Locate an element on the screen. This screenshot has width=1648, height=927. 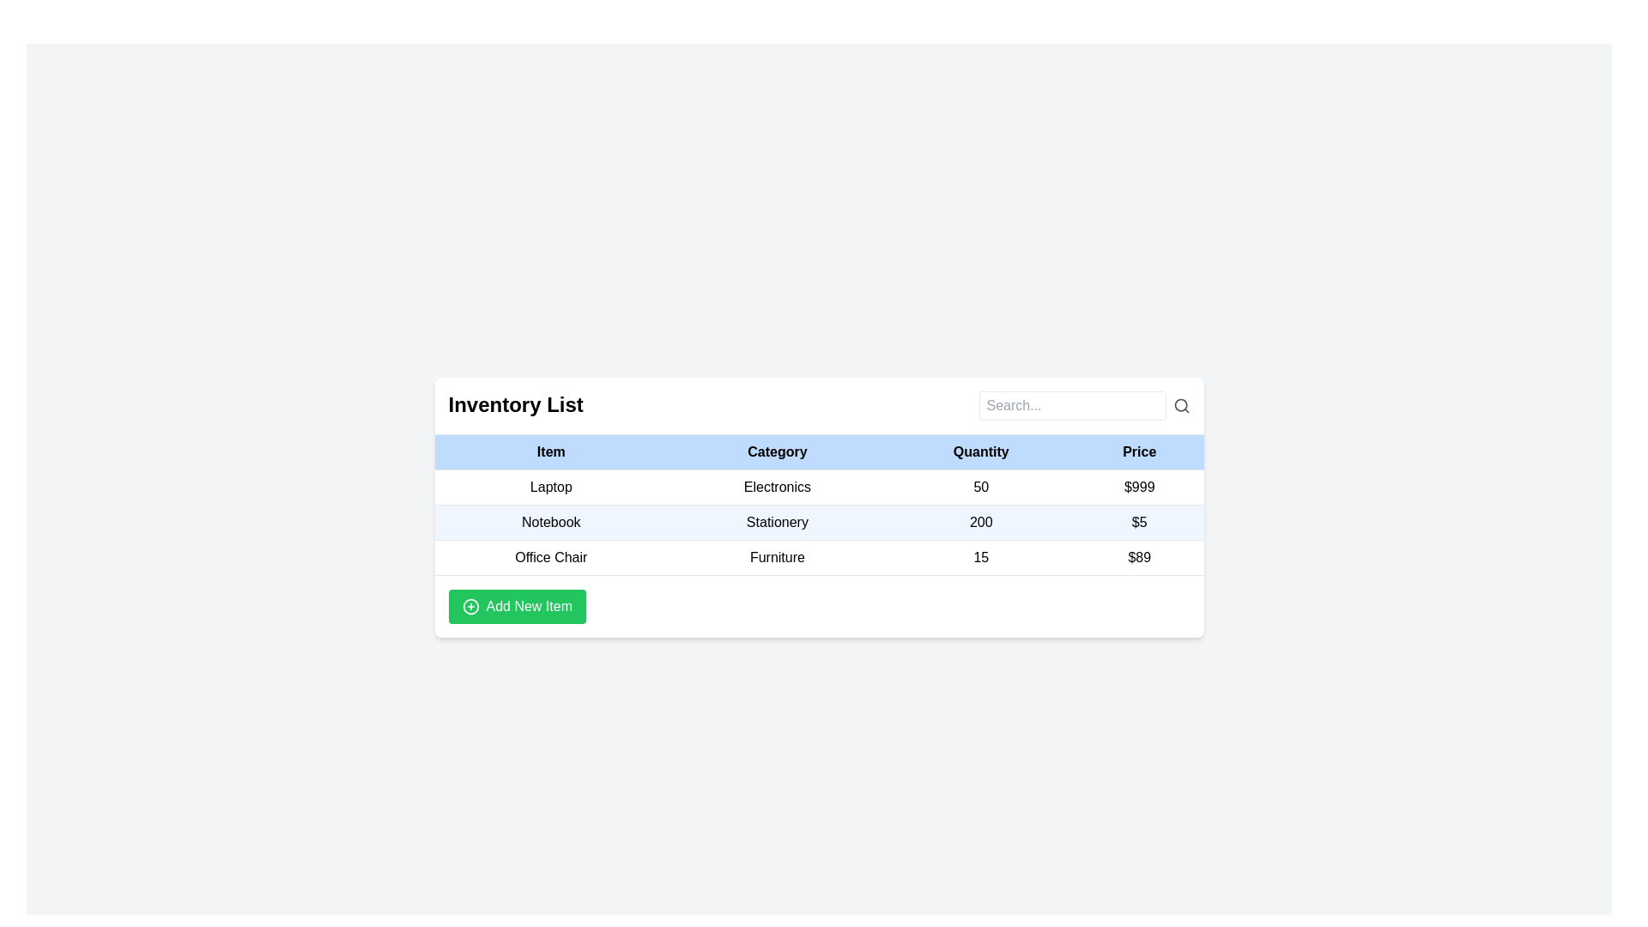
the third row of the data table containing 'Office Chair', 'Furniture', '15', and '$89' is located at coordinates (818, 557).